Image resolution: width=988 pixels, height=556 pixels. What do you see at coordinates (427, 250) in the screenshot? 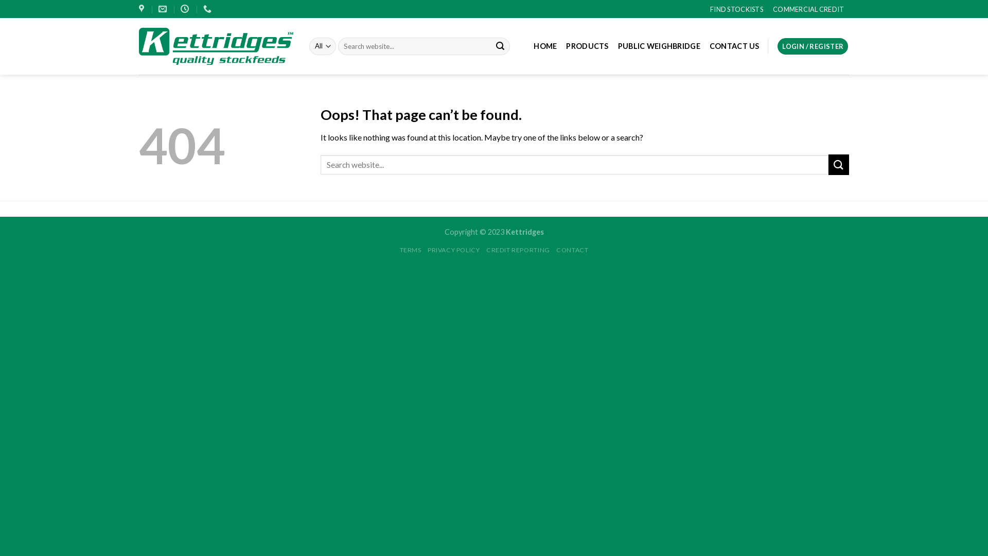
I see `'PRIVACY POLICY'` at bounding box center [427, 250].